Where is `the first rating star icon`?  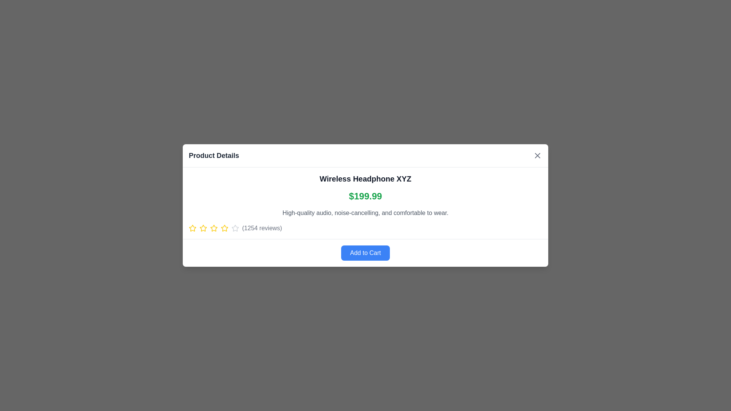 the first rating star icon is located at coordinates (192, 228).